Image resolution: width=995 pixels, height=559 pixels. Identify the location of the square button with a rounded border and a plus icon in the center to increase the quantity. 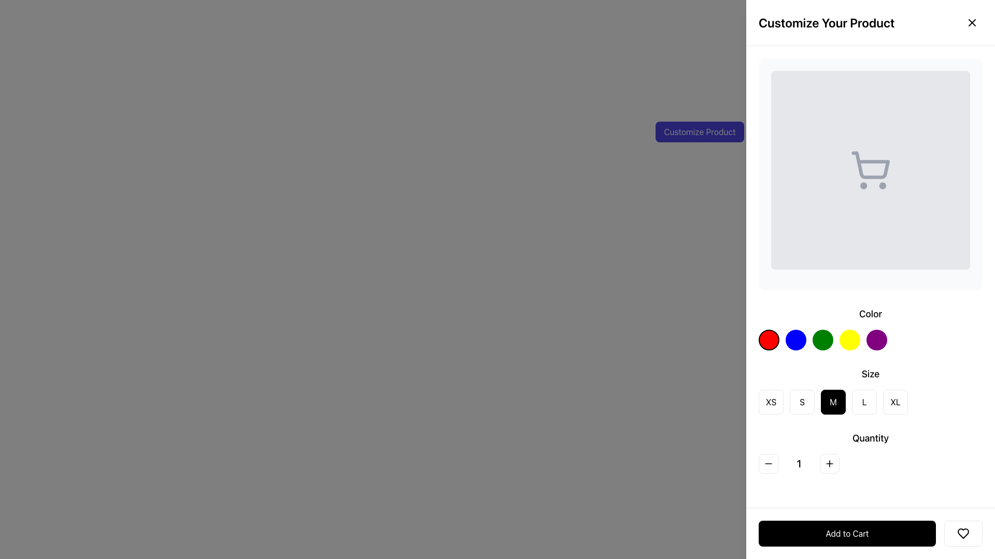
(830, 463).